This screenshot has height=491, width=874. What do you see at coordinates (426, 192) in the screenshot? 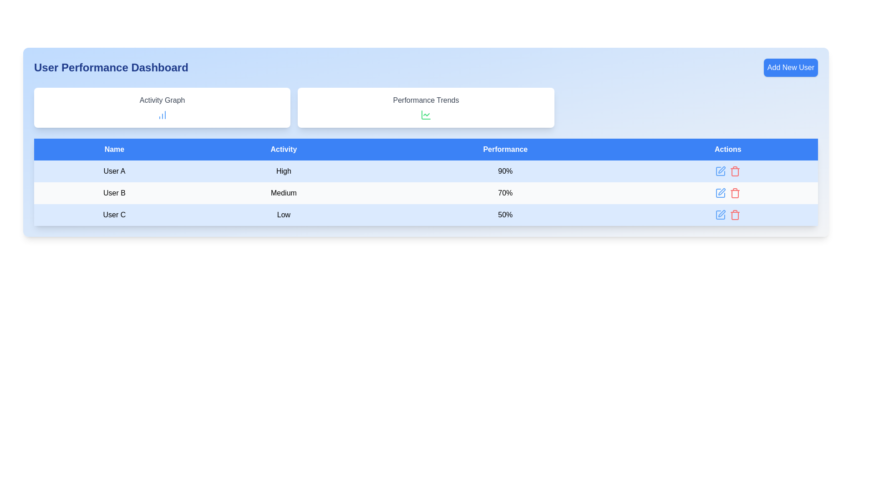
I see `the second row in the user information table for 'User B'` at bounding box center [426, 192].